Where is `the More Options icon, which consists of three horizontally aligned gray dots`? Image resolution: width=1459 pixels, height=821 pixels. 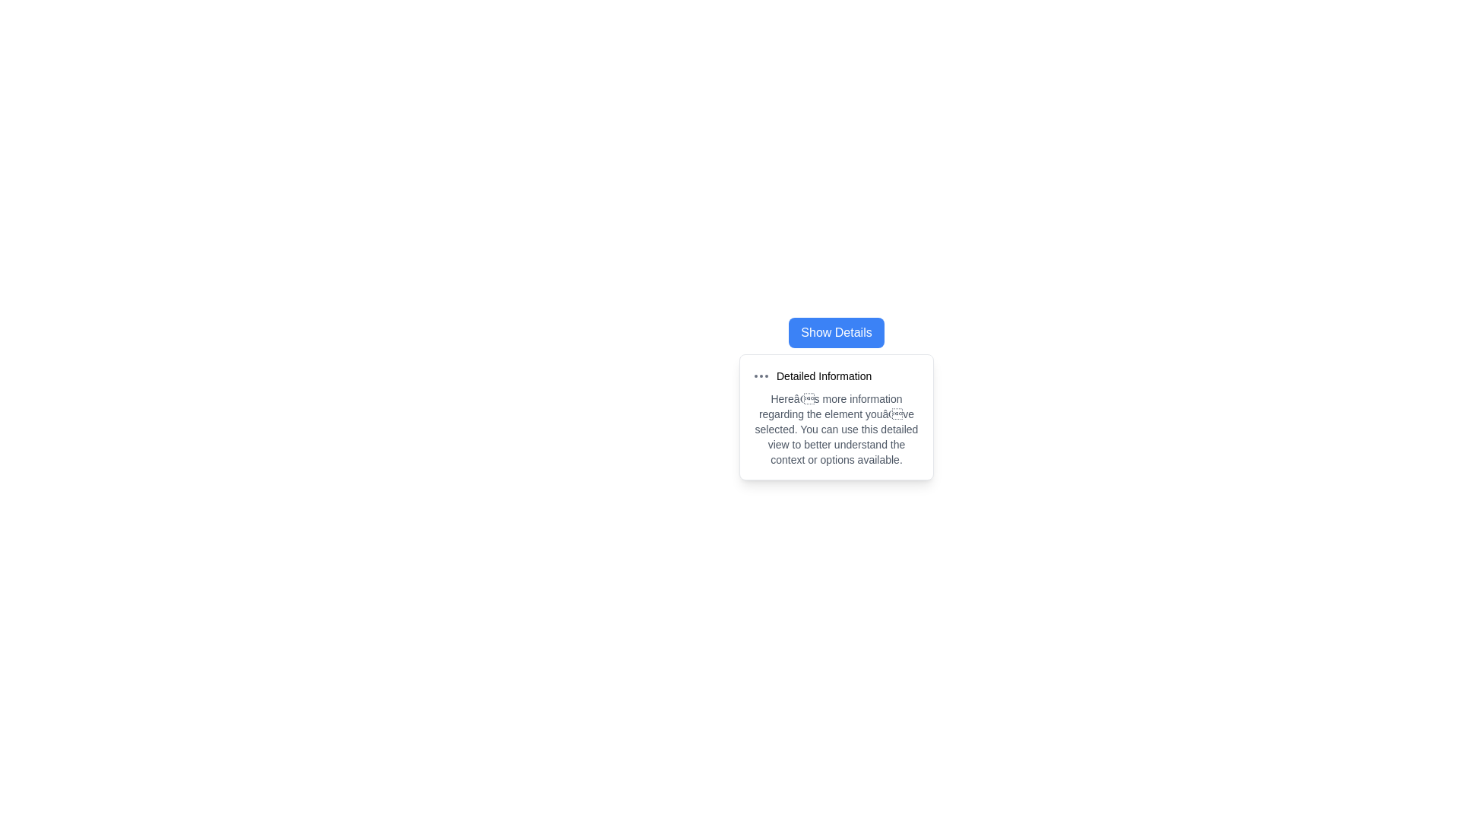
the More Options icon, which consists of three horizontally aligned gray dots is located at coordinates (761, 376).